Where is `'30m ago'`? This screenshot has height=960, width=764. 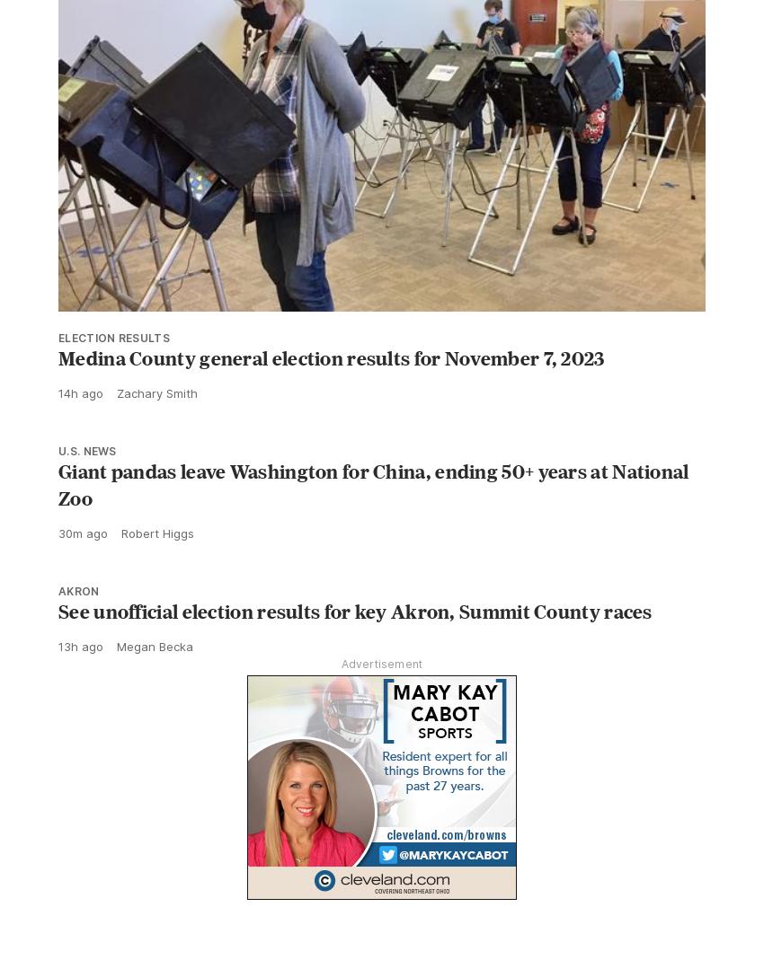
'30m ago' is located at coordinates (82, 533).